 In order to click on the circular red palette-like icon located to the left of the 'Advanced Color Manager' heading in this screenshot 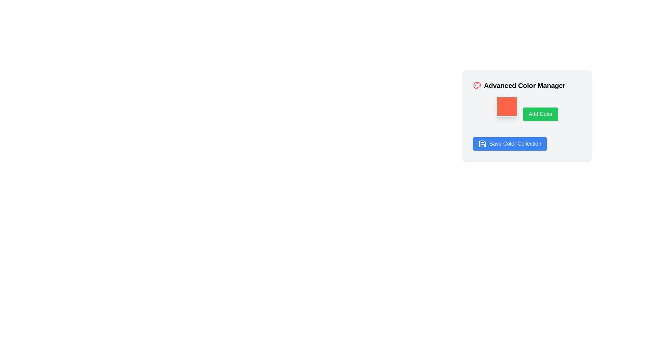, I will do `click(477, 85)`.